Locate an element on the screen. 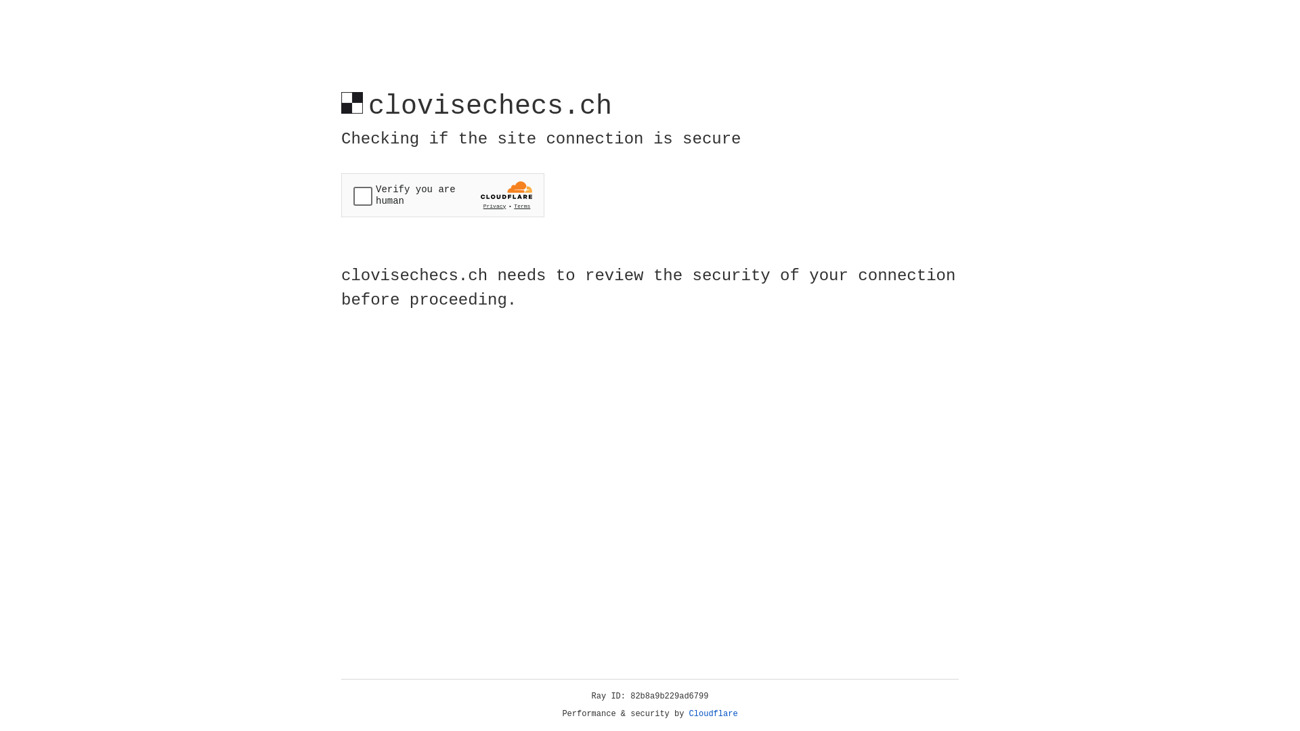  'Widget containing a Cloudflare security challenge' is located at coordinates (442, 195).